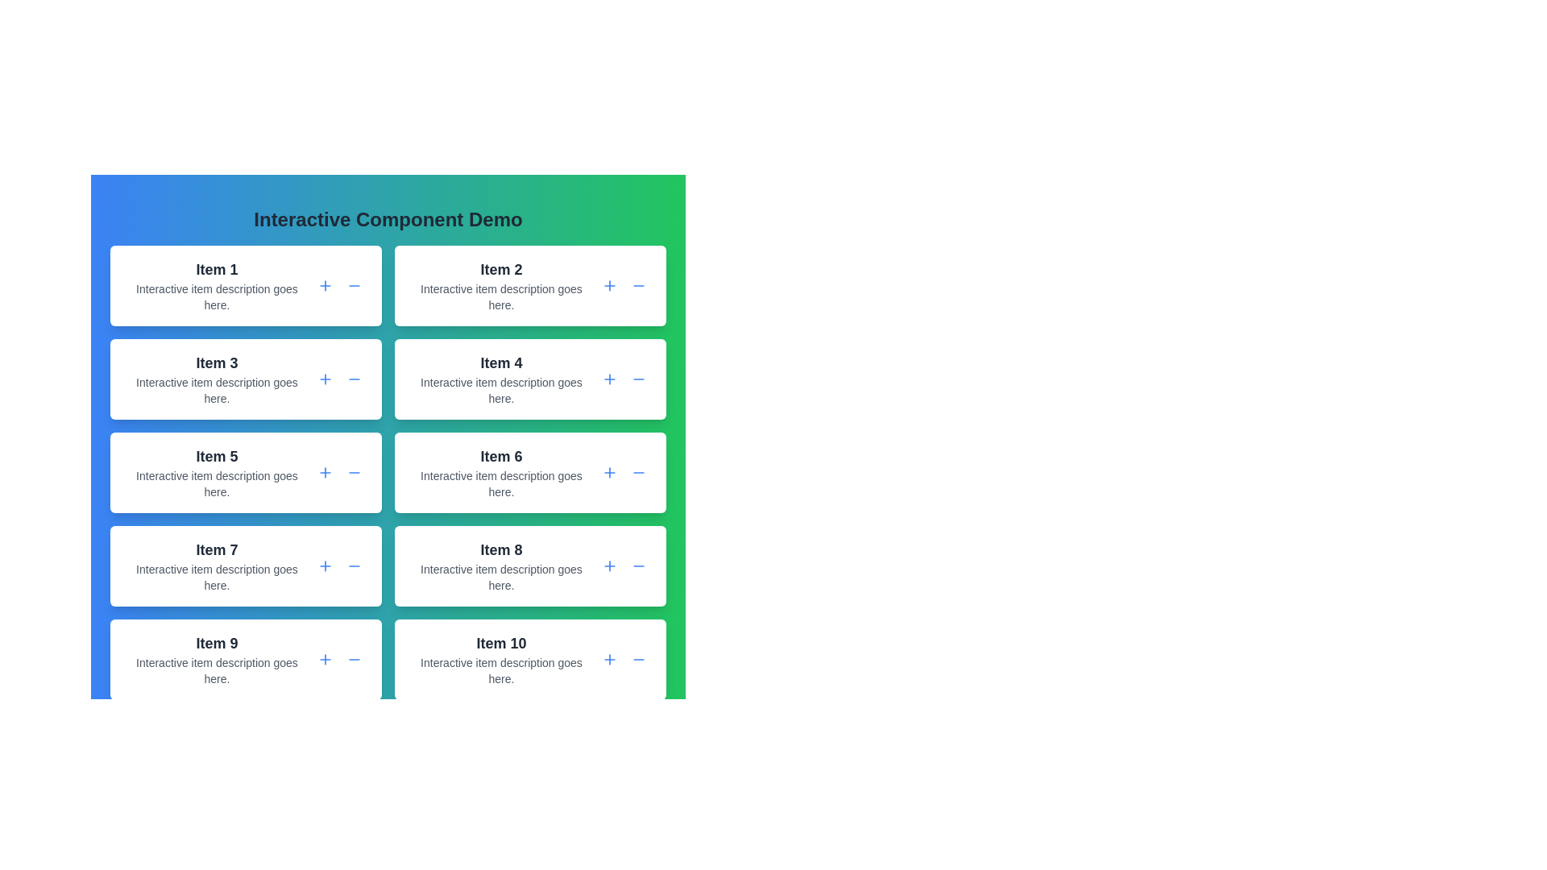  Describe the element at coordinates (637, 379) in the screenshot. I see `the 'decrease' or 'minus' button icon` at that location.